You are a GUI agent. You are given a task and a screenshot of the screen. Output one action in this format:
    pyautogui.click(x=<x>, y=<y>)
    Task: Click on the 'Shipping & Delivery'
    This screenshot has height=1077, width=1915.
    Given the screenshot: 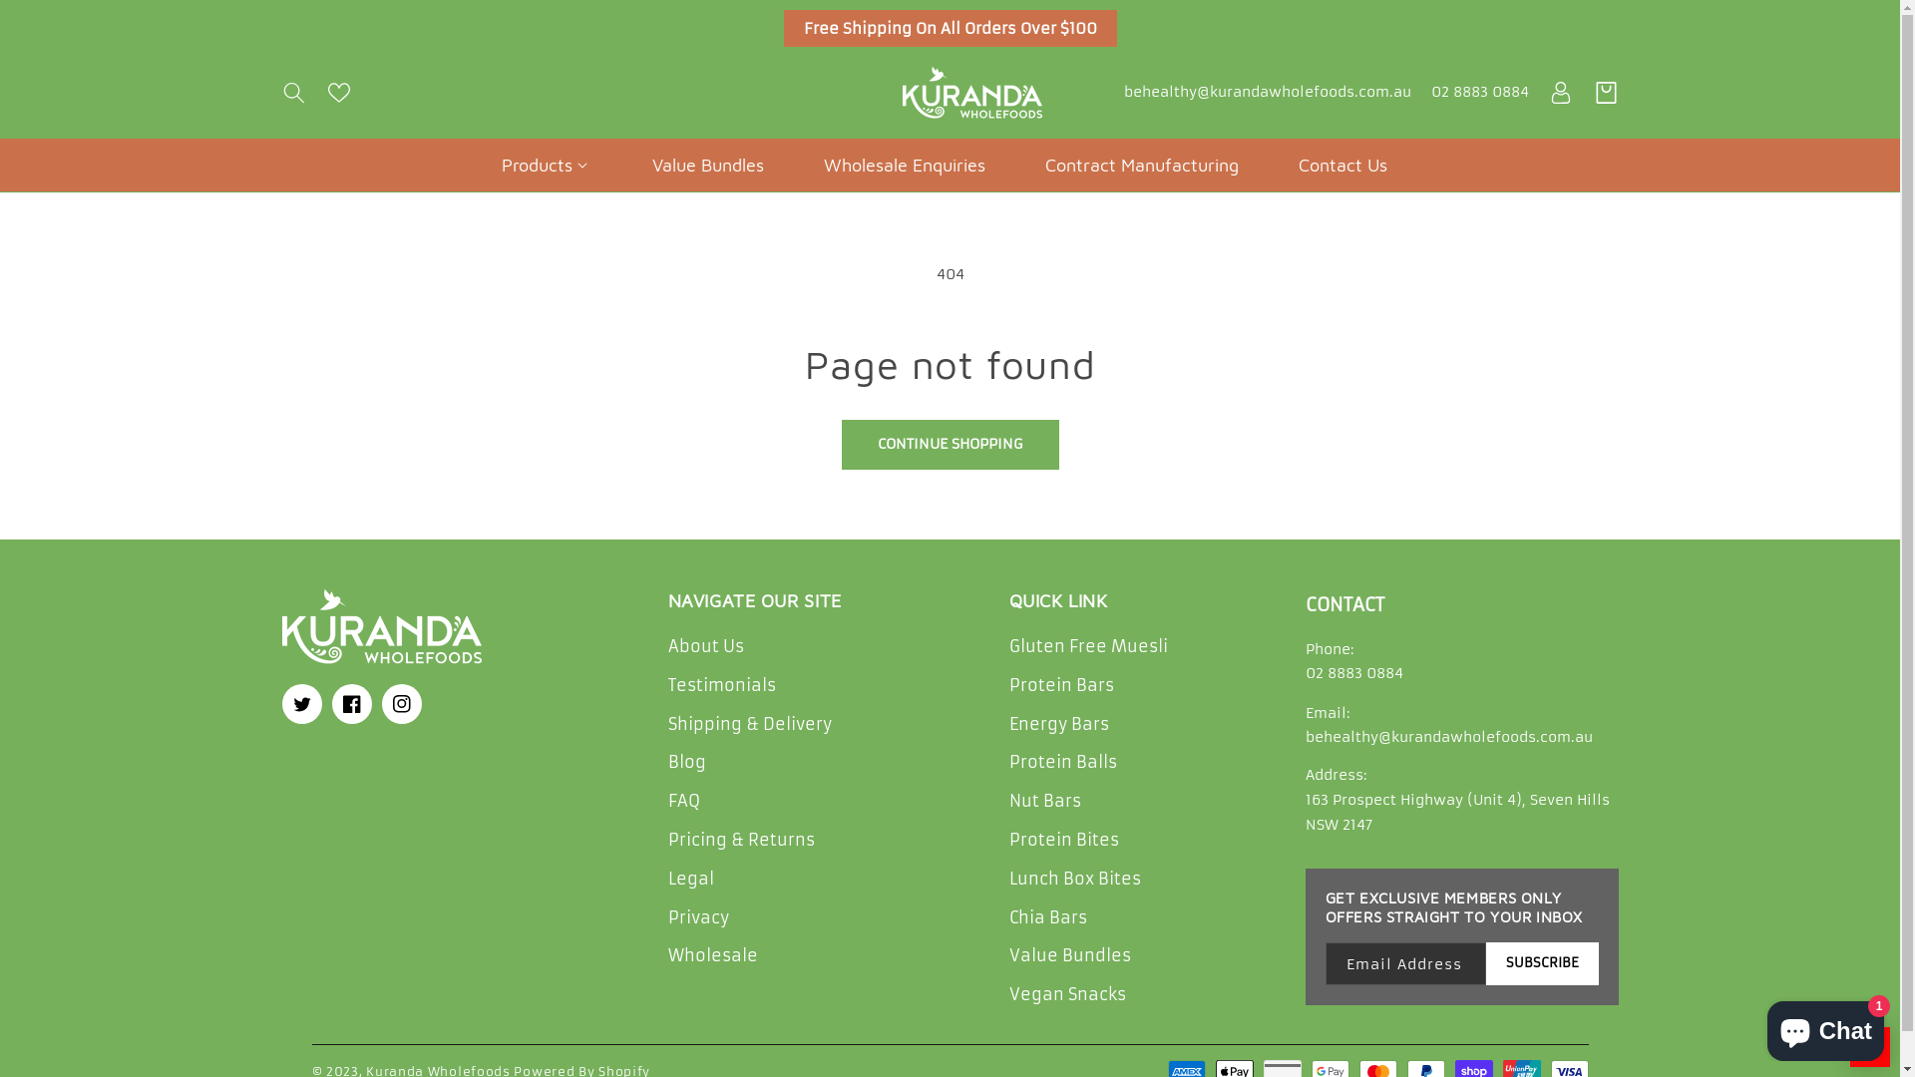 What is the action you would take?
    pyautogui.click(x=749, y=724)
    